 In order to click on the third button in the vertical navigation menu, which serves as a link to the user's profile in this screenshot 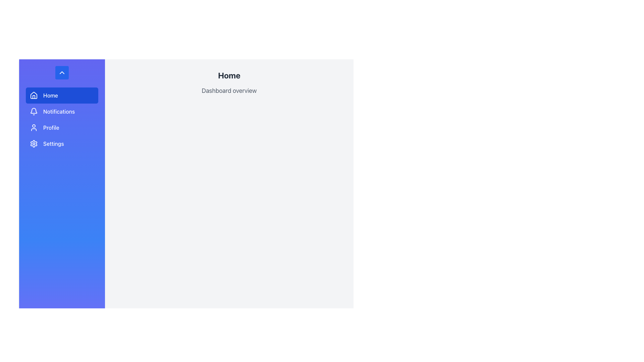, I will do `click(62, 128)`.